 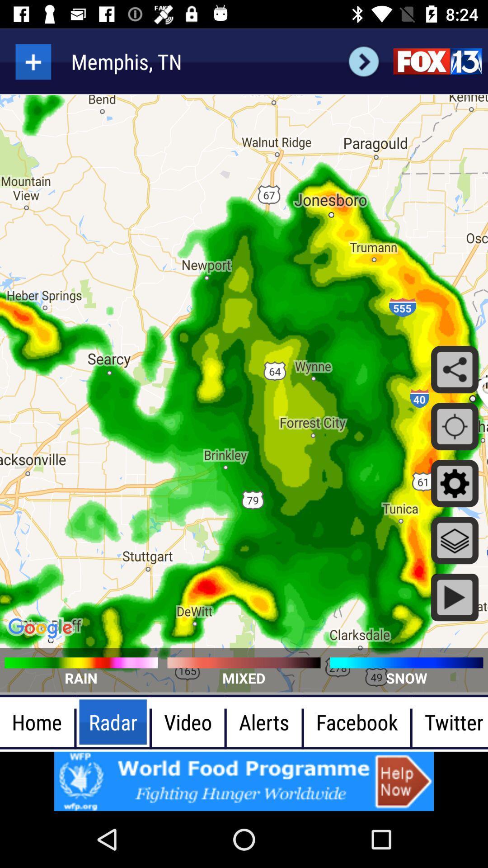 What do you see at coordinates (33, 61) in the screenshot?
I see `the add icon` at bounding box center [33, 61].